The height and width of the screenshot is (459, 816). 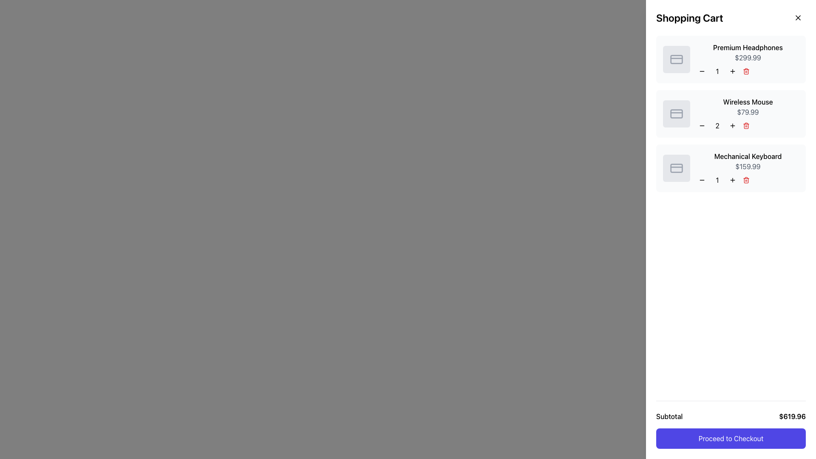 What do you see at coordinates (746, 126) in the screenshot?
I see `the delete button for the 'Wireless Mouse' item in the shopping cart` at bounding box center [746, 126].